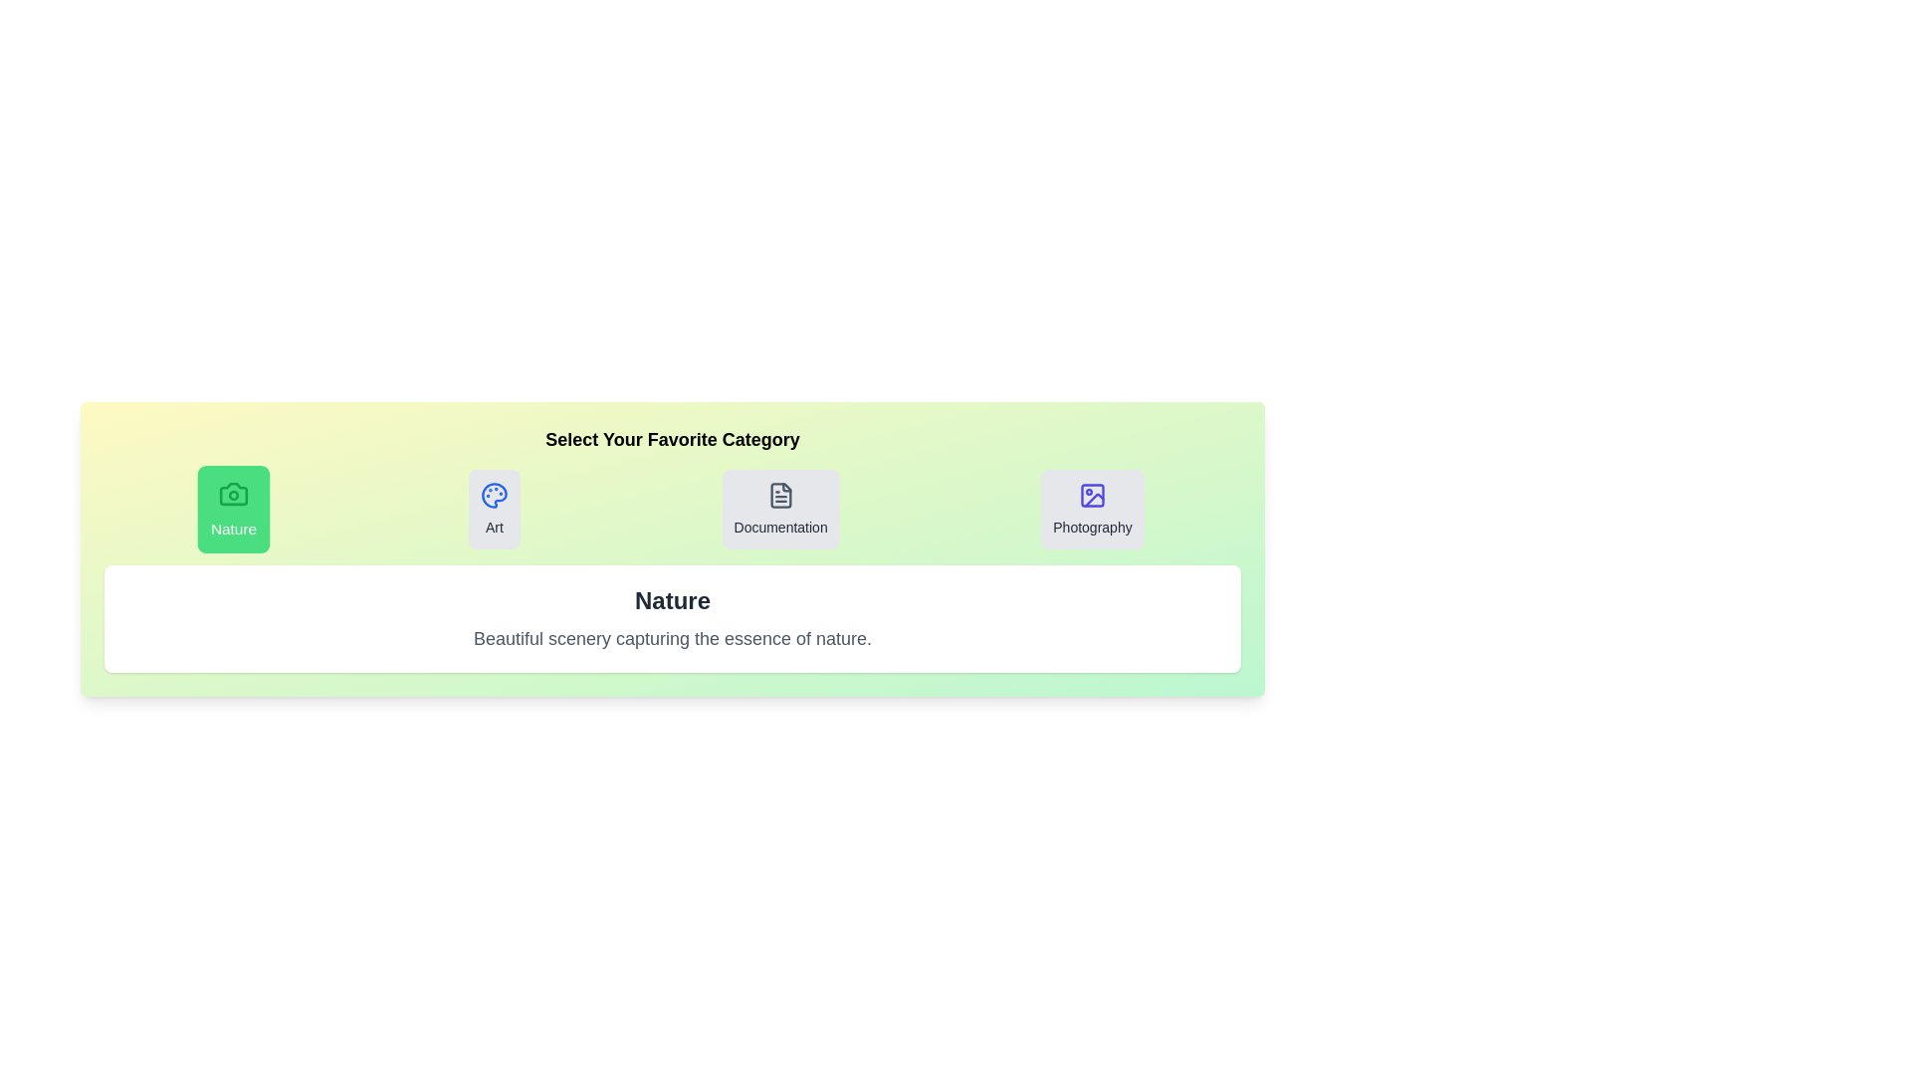 The width and height of the screenshot is (1911, 1075). I want to click on the category title Documentation to select it, so click(778, 509).